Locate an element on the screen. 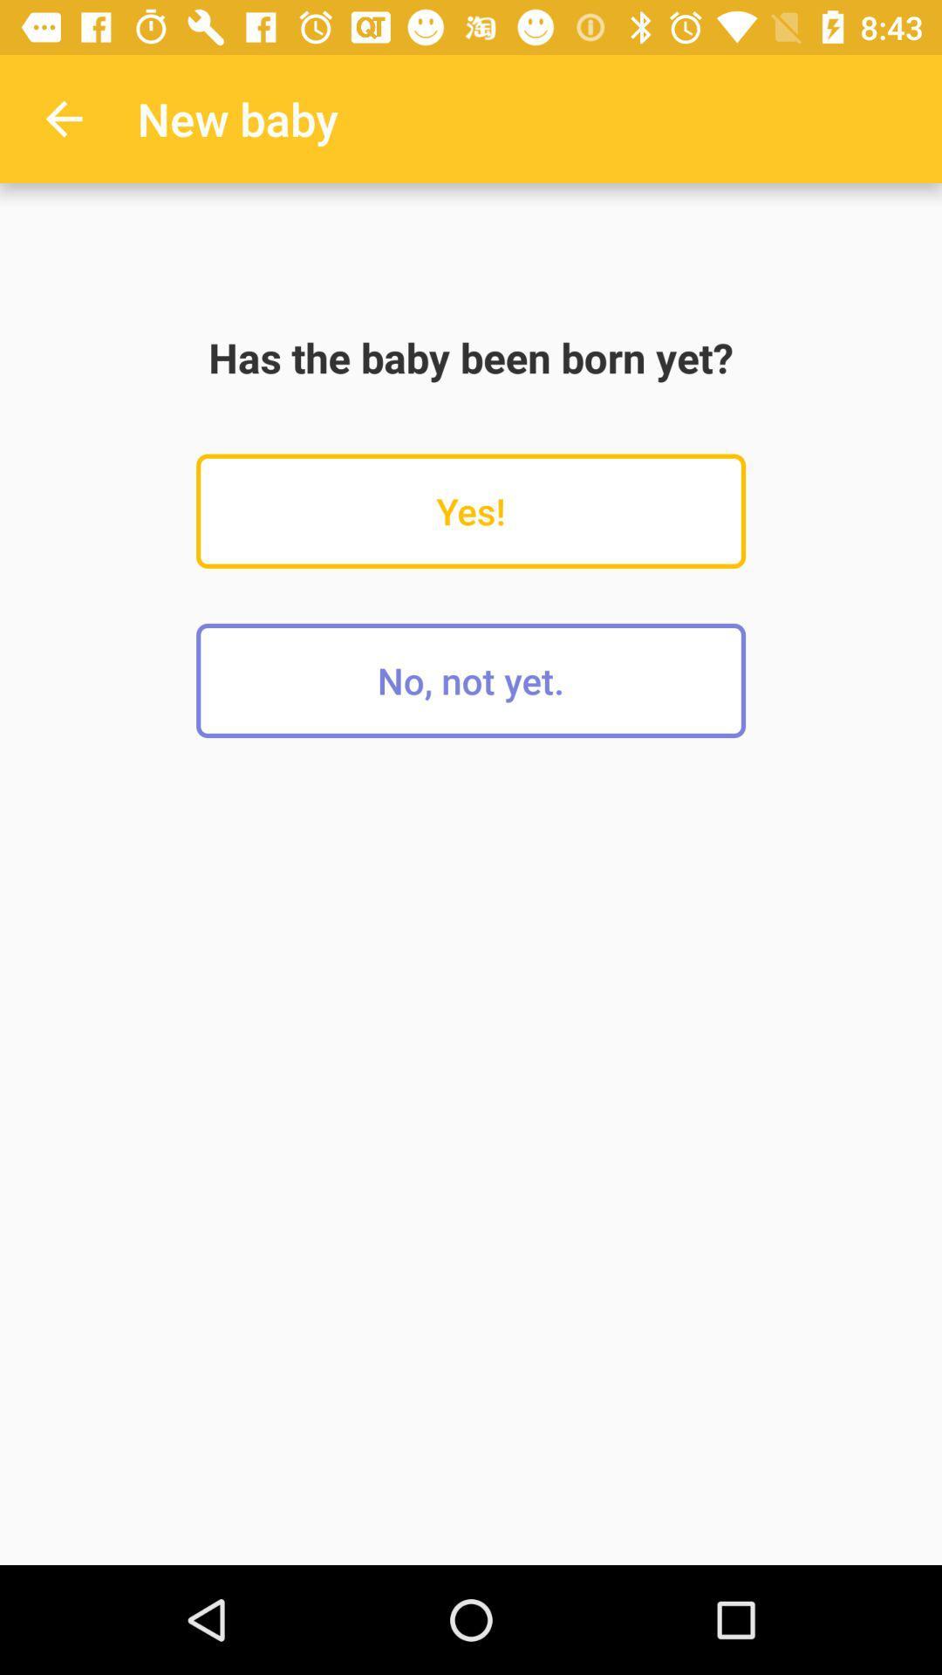 Image resolution: width=942 pixels, height=1675 pixels. icon to the left of new baby app is located at coordinates (63, 118).